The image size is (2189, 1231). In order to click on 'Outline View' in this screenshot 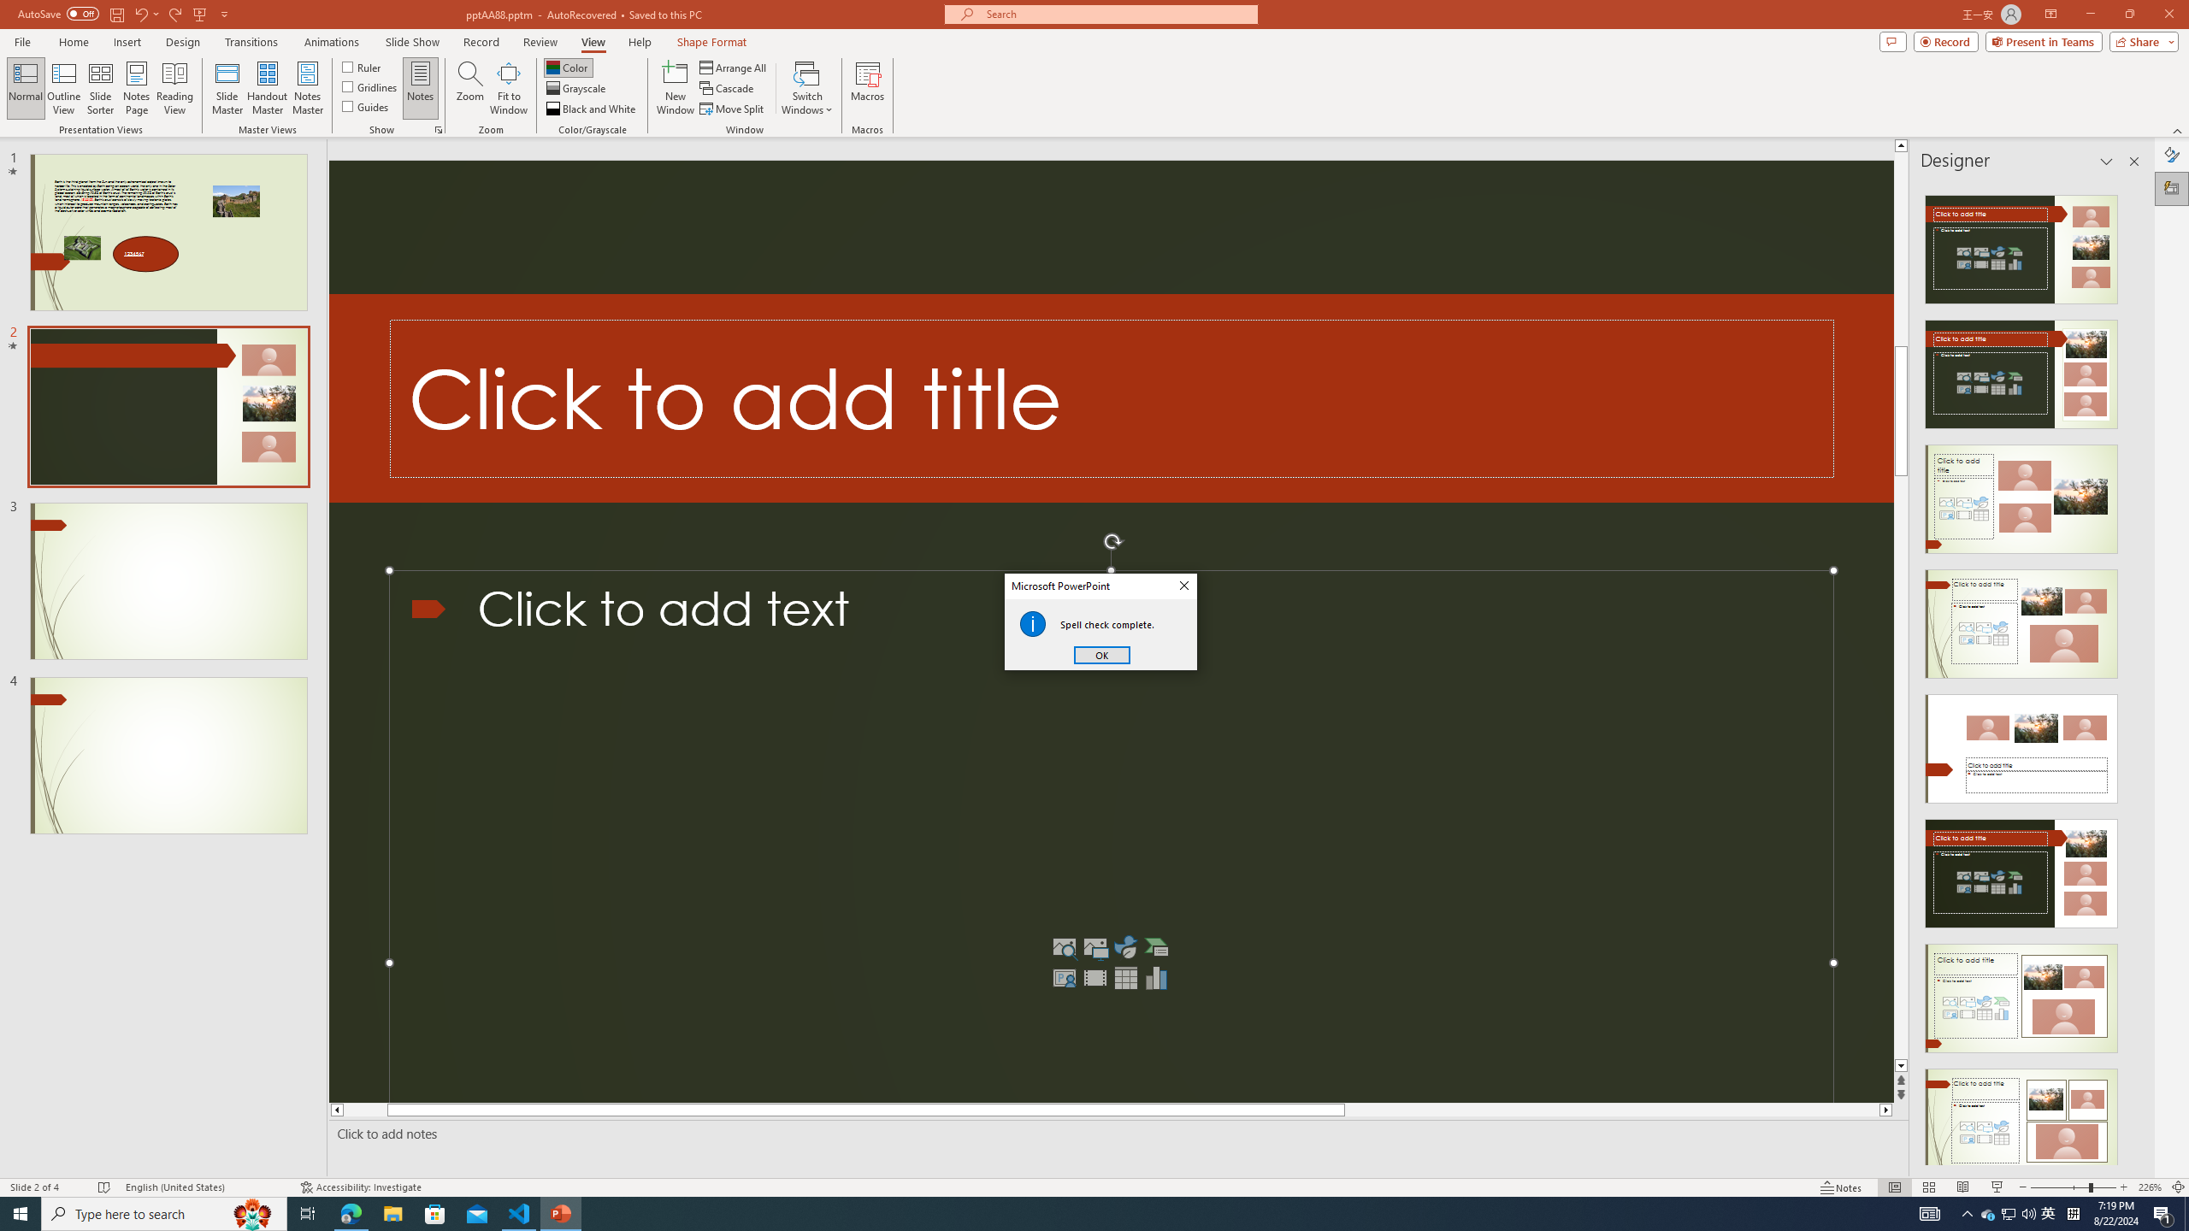, I will do `click(63, 88)`.